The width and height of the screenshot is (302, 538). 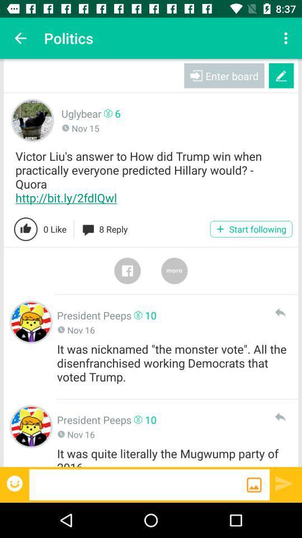 What do you see at coordinates (138, 484) in the screenshot?
I see `type reply` at bounding box center [138, 484].